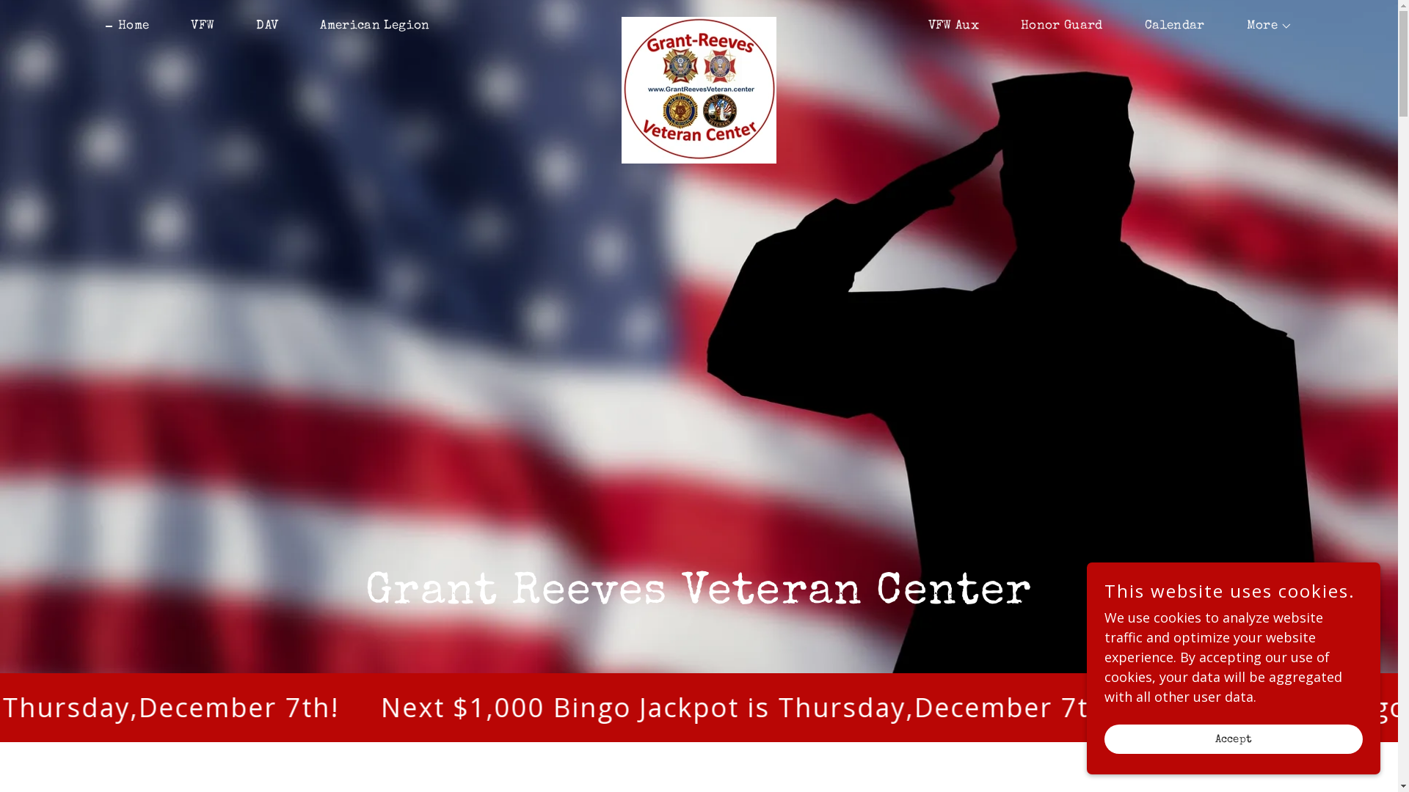 This screenshot has width=1409, height=792. What do you see at coordinates (127, 26) in the screenshot?
I see `'Home'` at bounding box center [127, 26].